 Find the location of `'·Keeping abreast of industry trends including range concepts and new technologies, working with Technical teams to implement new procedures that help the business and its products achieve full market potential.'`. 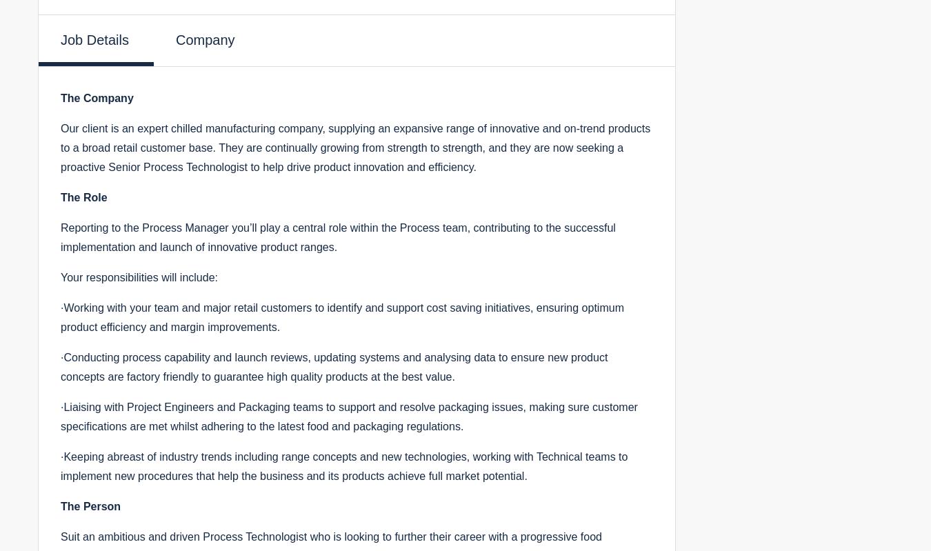

'·Keeping abreast of industry trends including range concepts and new technologies, working with Technical teams to implement new procedures that help the business and its products achieve full market potential.' is located at coordinates (343, 465).